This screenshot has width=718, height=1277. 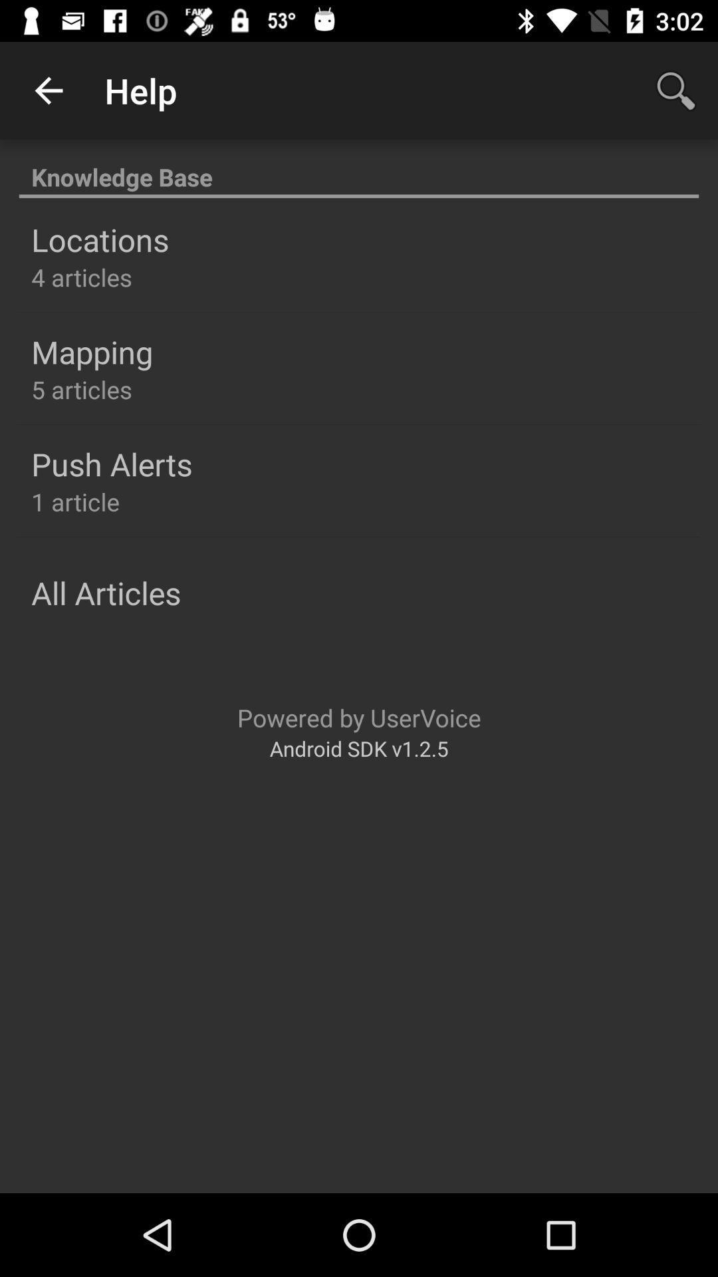 I want to click on the 4 articles, so click(x=82, y=277).